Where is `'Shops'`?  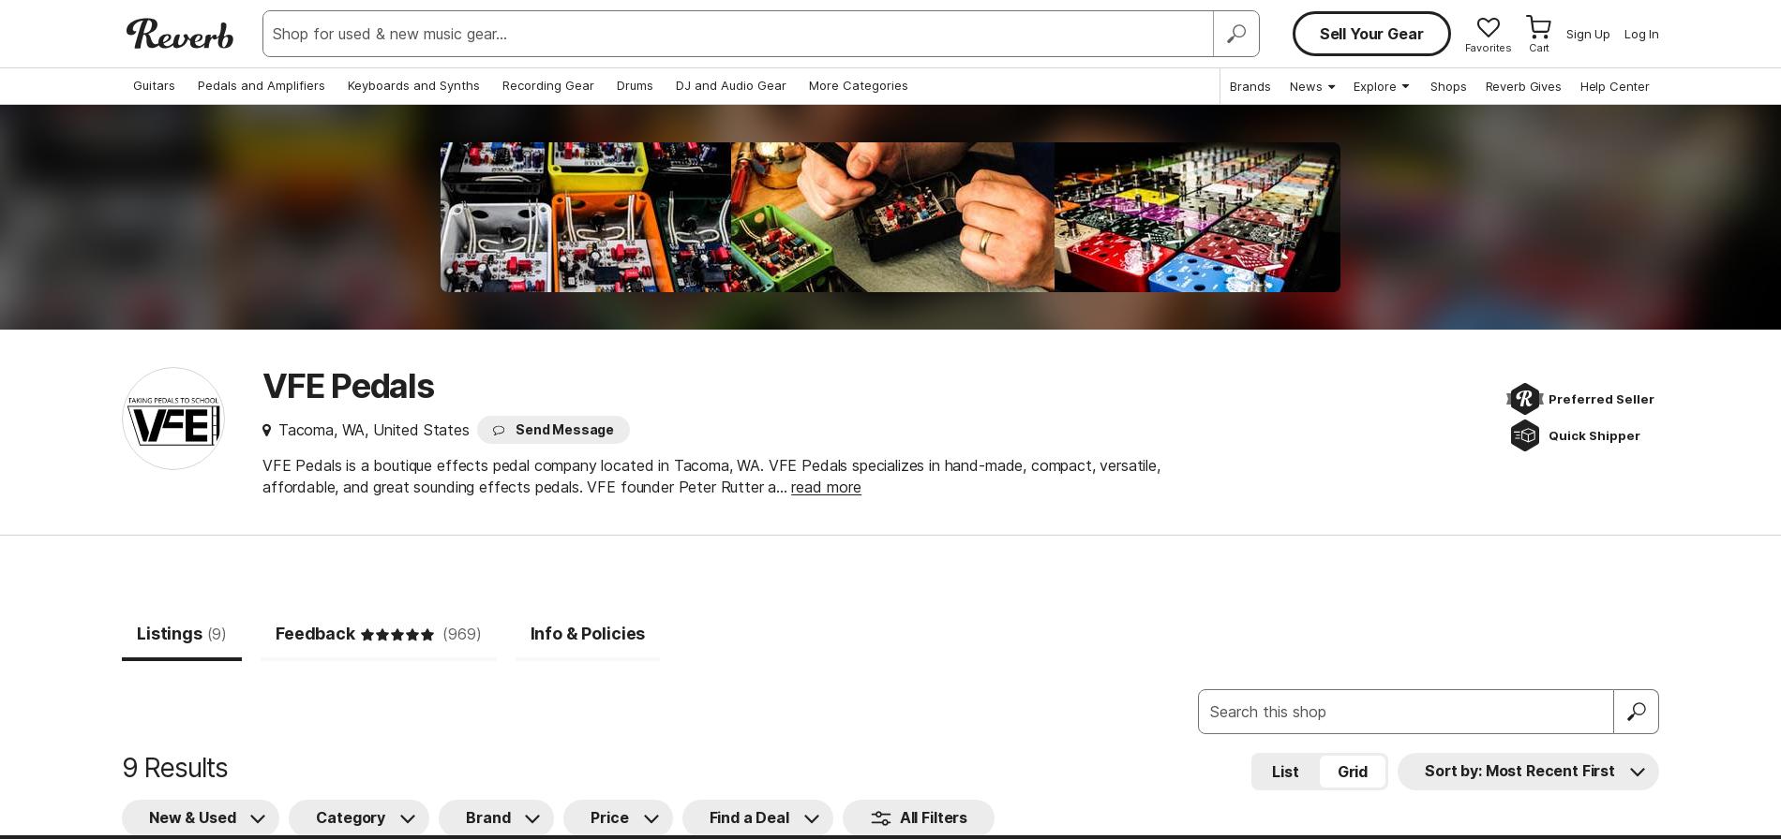
'Shops' is located at coordinates (1448, 86).